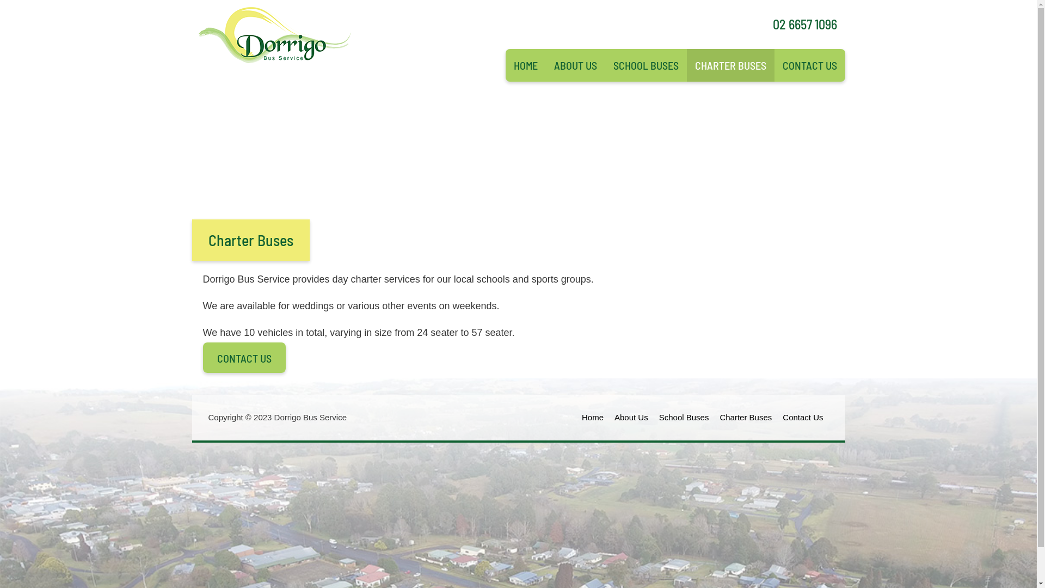 The width and height of the screenshot is (1045, 588). Describe the element at coordinates (730, 65) in the screenshot. I see `'CHARTER BUSES'` at that location.